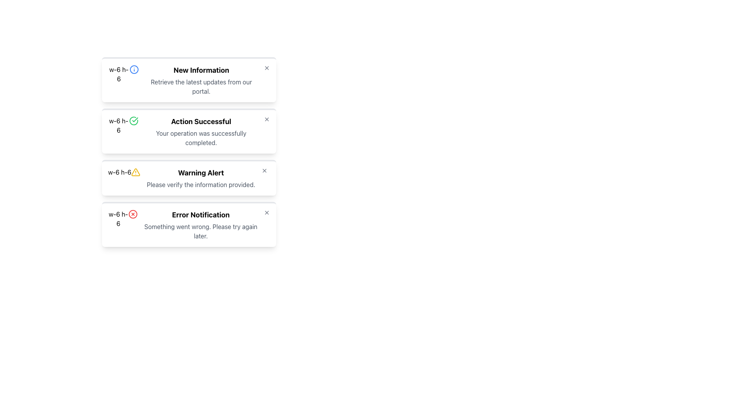  What do you see at coordinates (201, 87) in the screenshot?
I see `the text snippet that reads 'Retrieve the latest updates from our portal.', which is styled in gray font and positioned below the 'New Information' title` at bounding box center [201, 87].